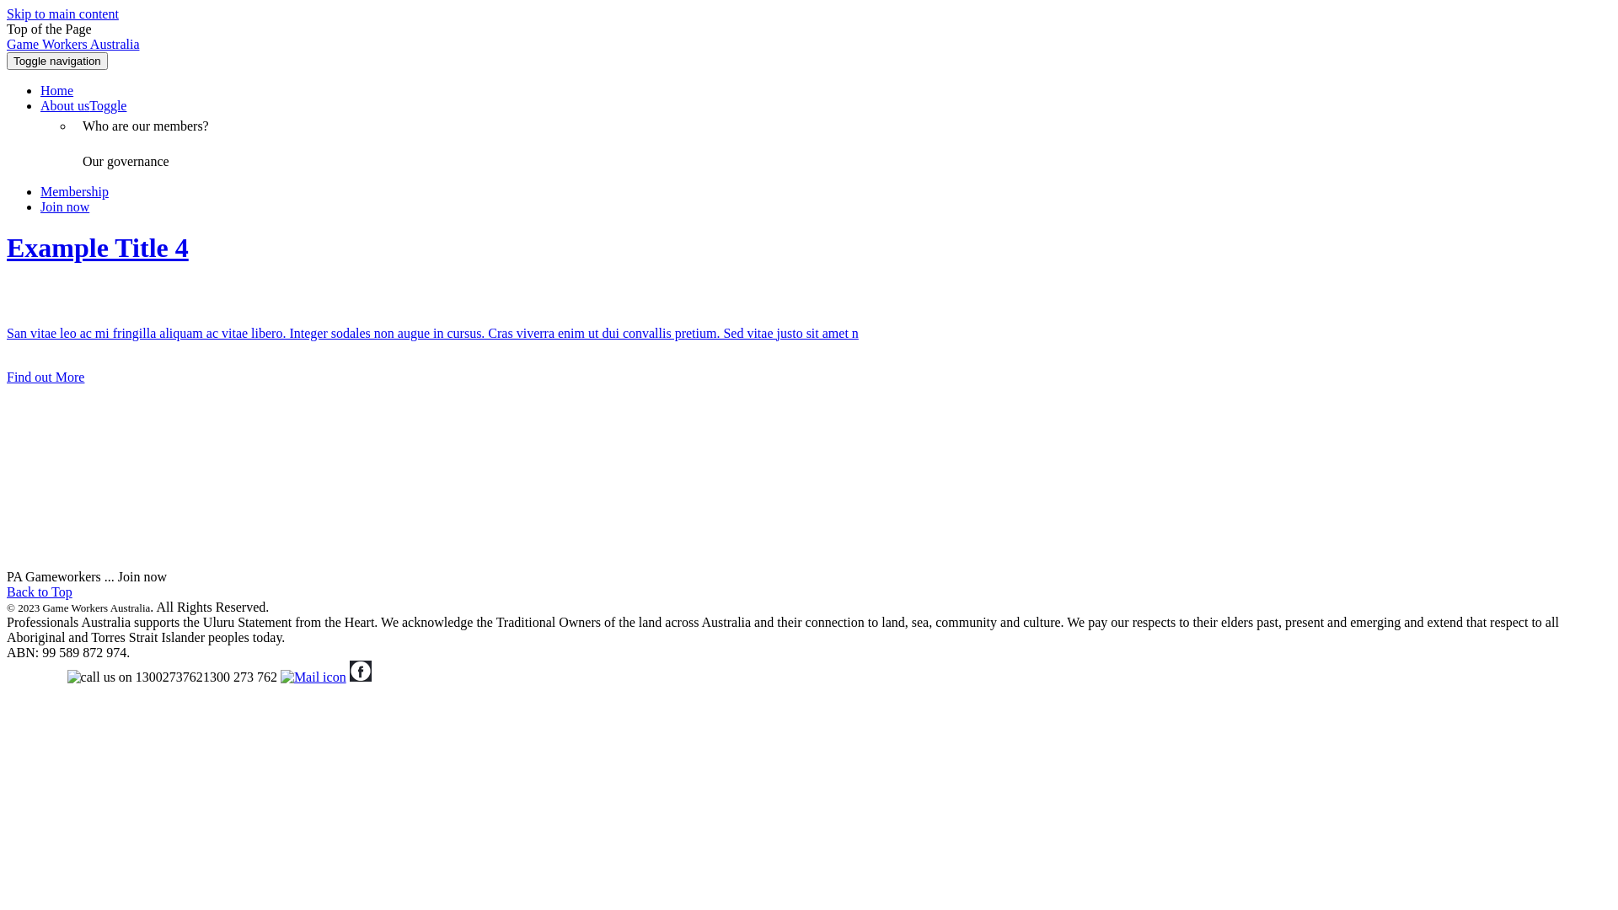  What do you see at coordinates (62, 13) in the screenshot?
I see `'Skip to main content'` at bounding box center [62, 13].